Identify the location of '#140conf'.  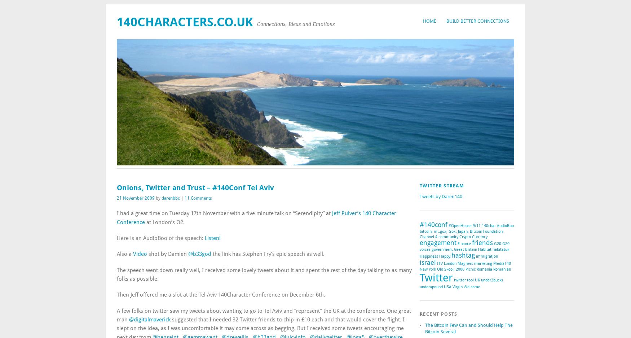
(419, 224).